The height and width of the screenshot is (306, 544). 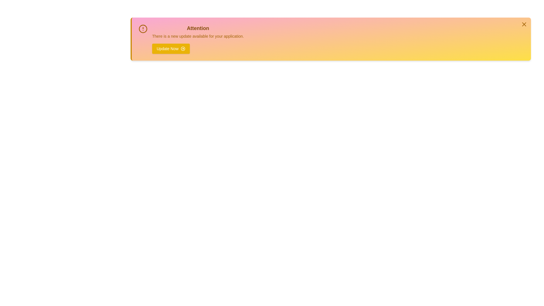 What do you see at coordinates (524, 24) in the screenshot?
I see `the close button of the notification alert to dismiss it` at bounding box center [524, 24].